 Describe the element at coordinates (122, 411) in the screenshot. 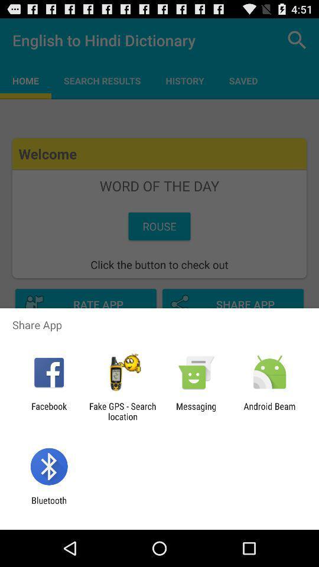

I see `the icon next to the facebook app` at that location.